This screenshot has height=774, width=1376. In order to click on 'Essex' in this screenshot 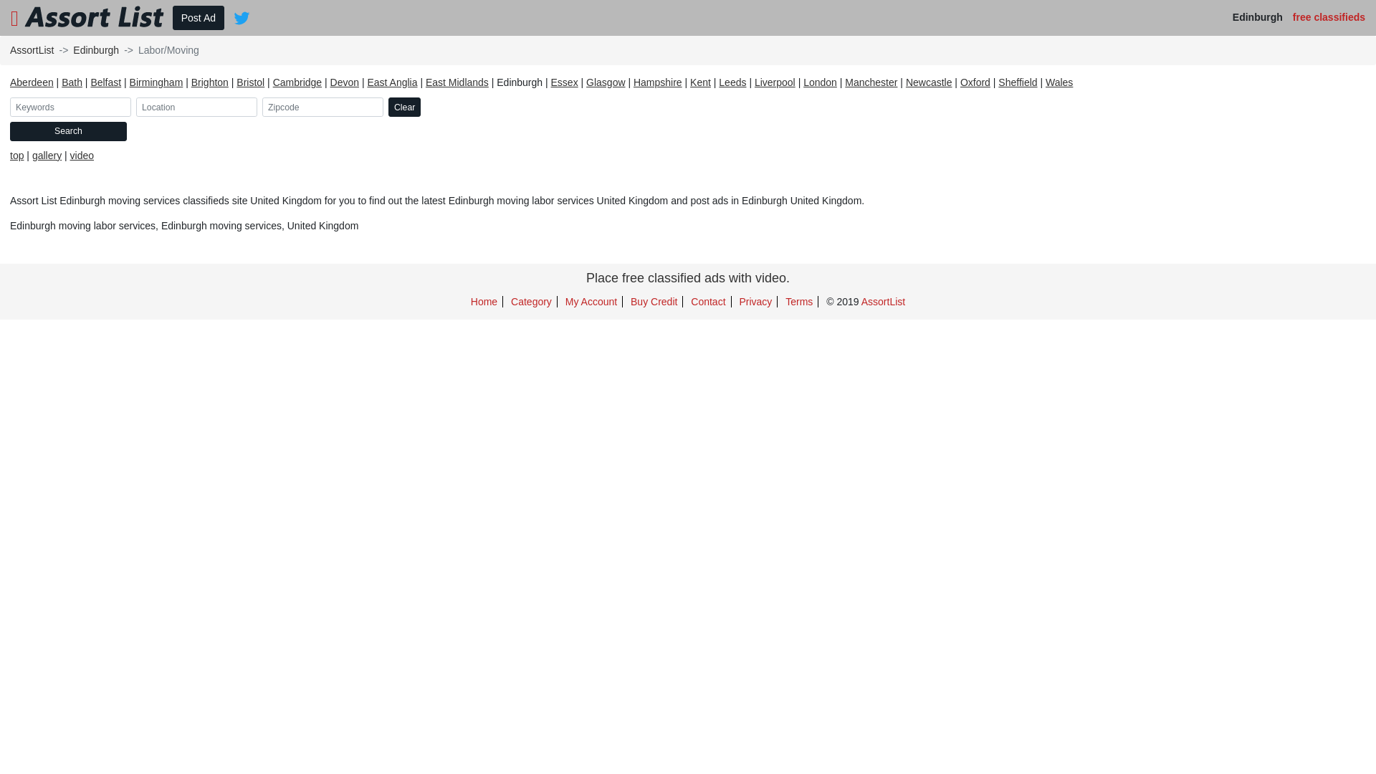, I will do `click(563, 82)`.